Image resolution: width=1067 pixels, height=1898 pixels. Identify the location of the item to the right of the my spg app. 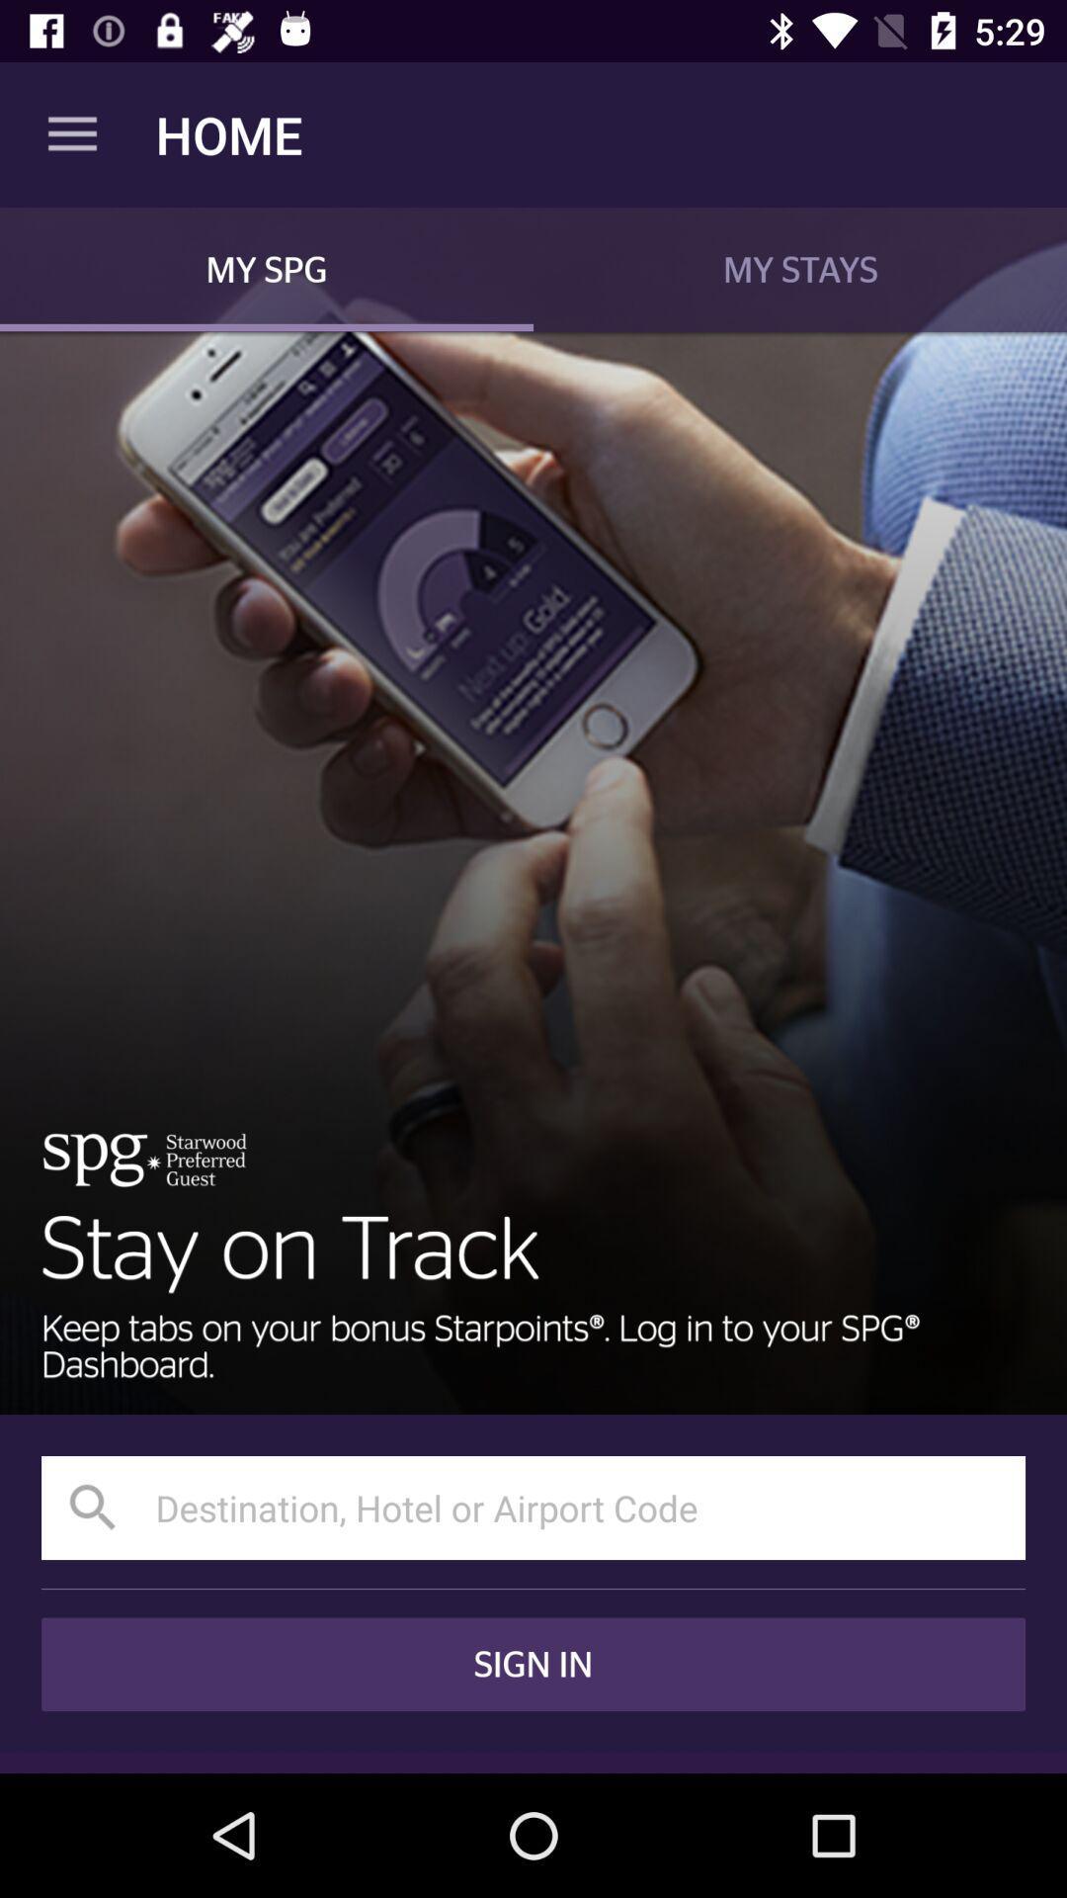
(800, 268).